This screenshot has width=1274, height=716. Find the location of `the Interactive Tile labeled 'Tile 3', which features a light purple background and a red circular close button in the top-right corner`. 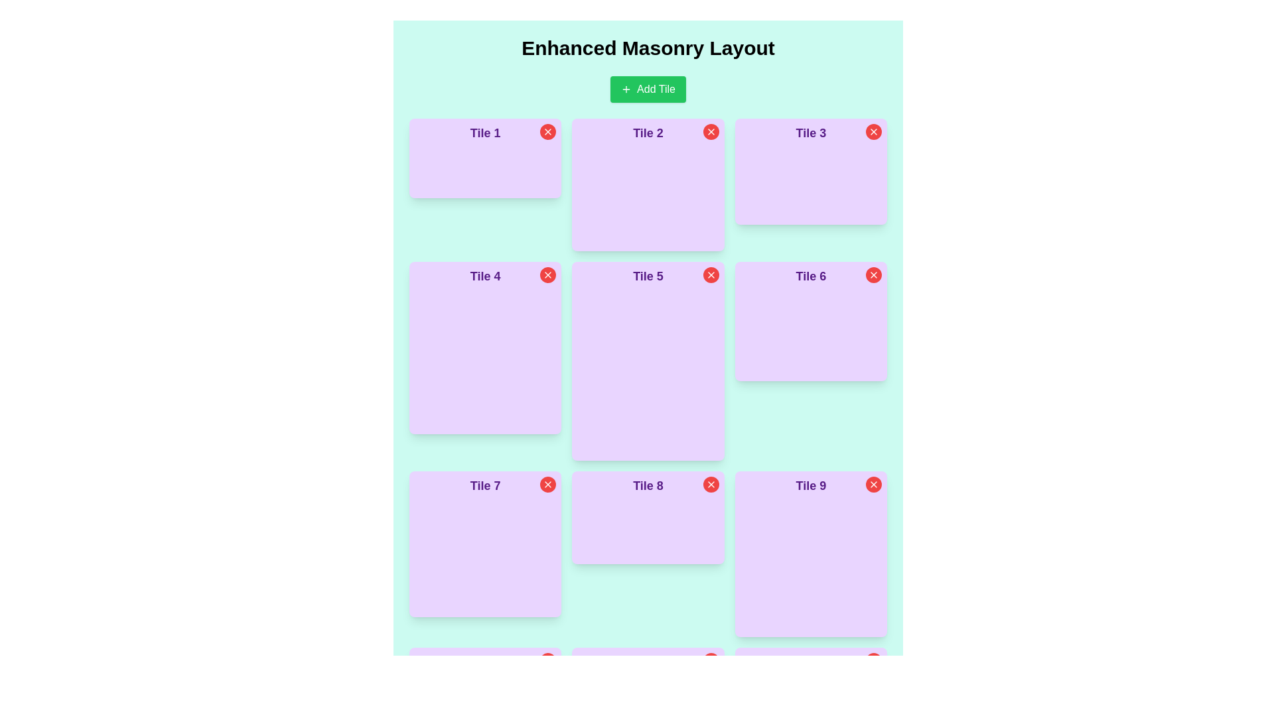

the Interactive Tile labeled 'Tile 3', which features a light purple background and a red circular close button in the top-right corner is located at coordinates (810, 170).